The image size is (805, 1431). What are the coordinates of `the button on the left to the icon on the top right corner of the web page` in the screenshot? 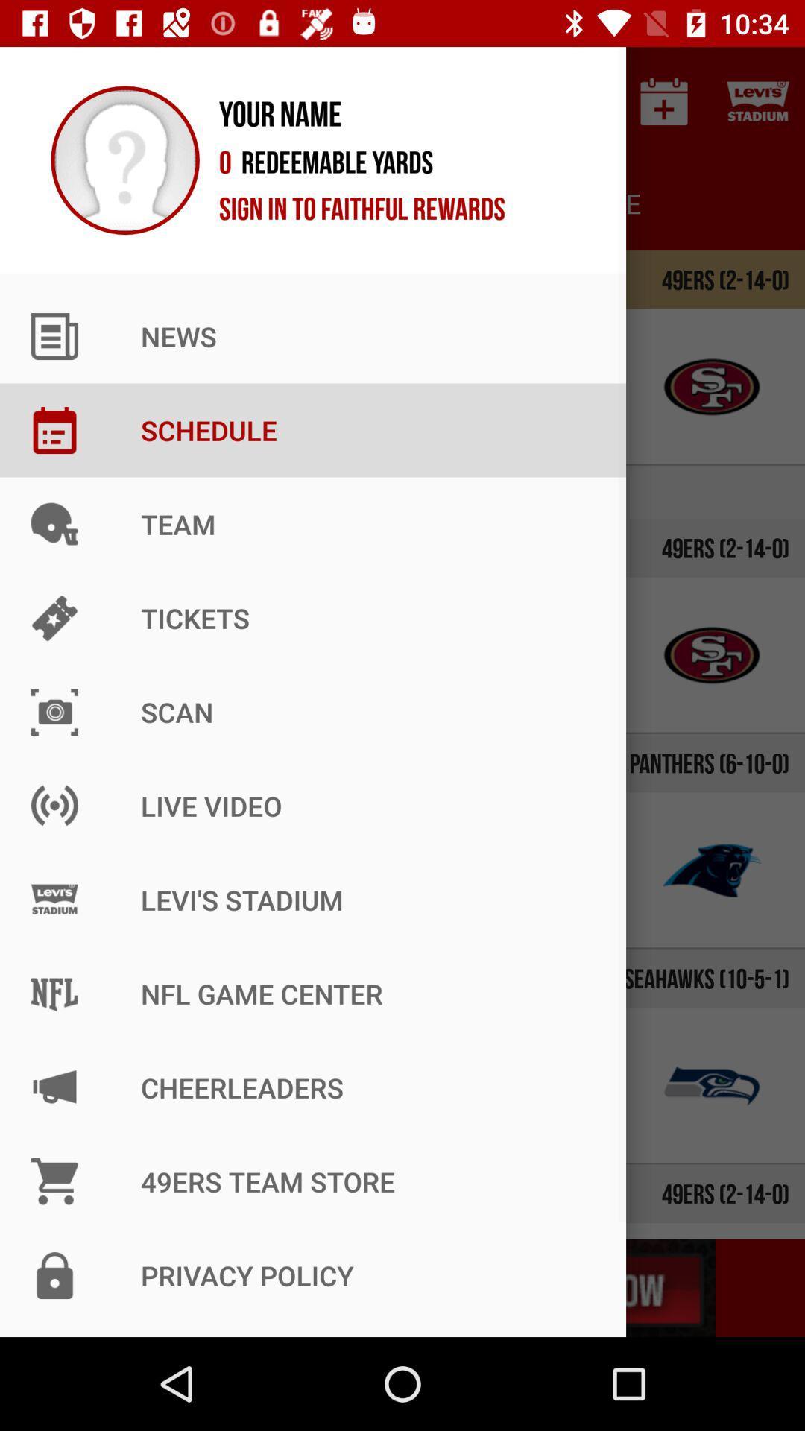 It's located at (663, 101).